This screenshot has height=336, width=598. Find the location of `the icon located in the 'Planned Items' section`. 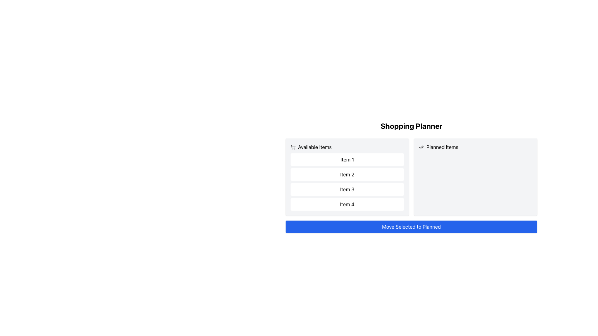

the icon located in the 'Planned Items' section is located at coordinates (421, 147).